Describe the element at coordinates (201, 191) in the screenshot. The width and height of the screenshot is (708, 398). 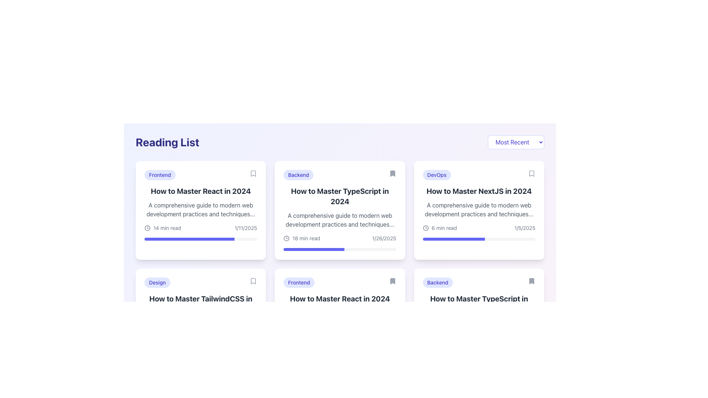
I see `the text element titled 'How to Master React in 2024'` at that location.